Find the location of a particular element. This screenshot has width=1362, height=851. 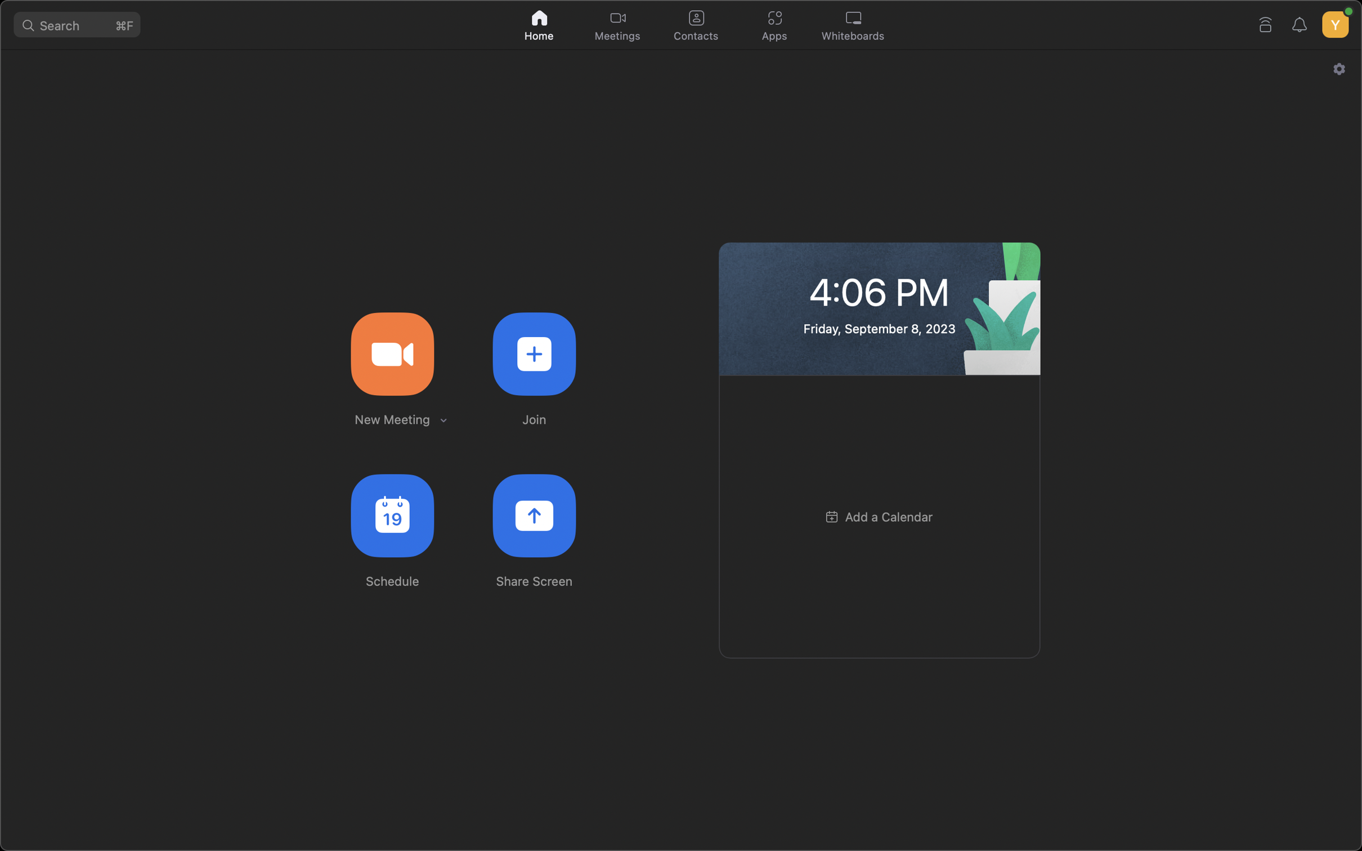

the options for whiteboard is located at coordinates (855, 26).